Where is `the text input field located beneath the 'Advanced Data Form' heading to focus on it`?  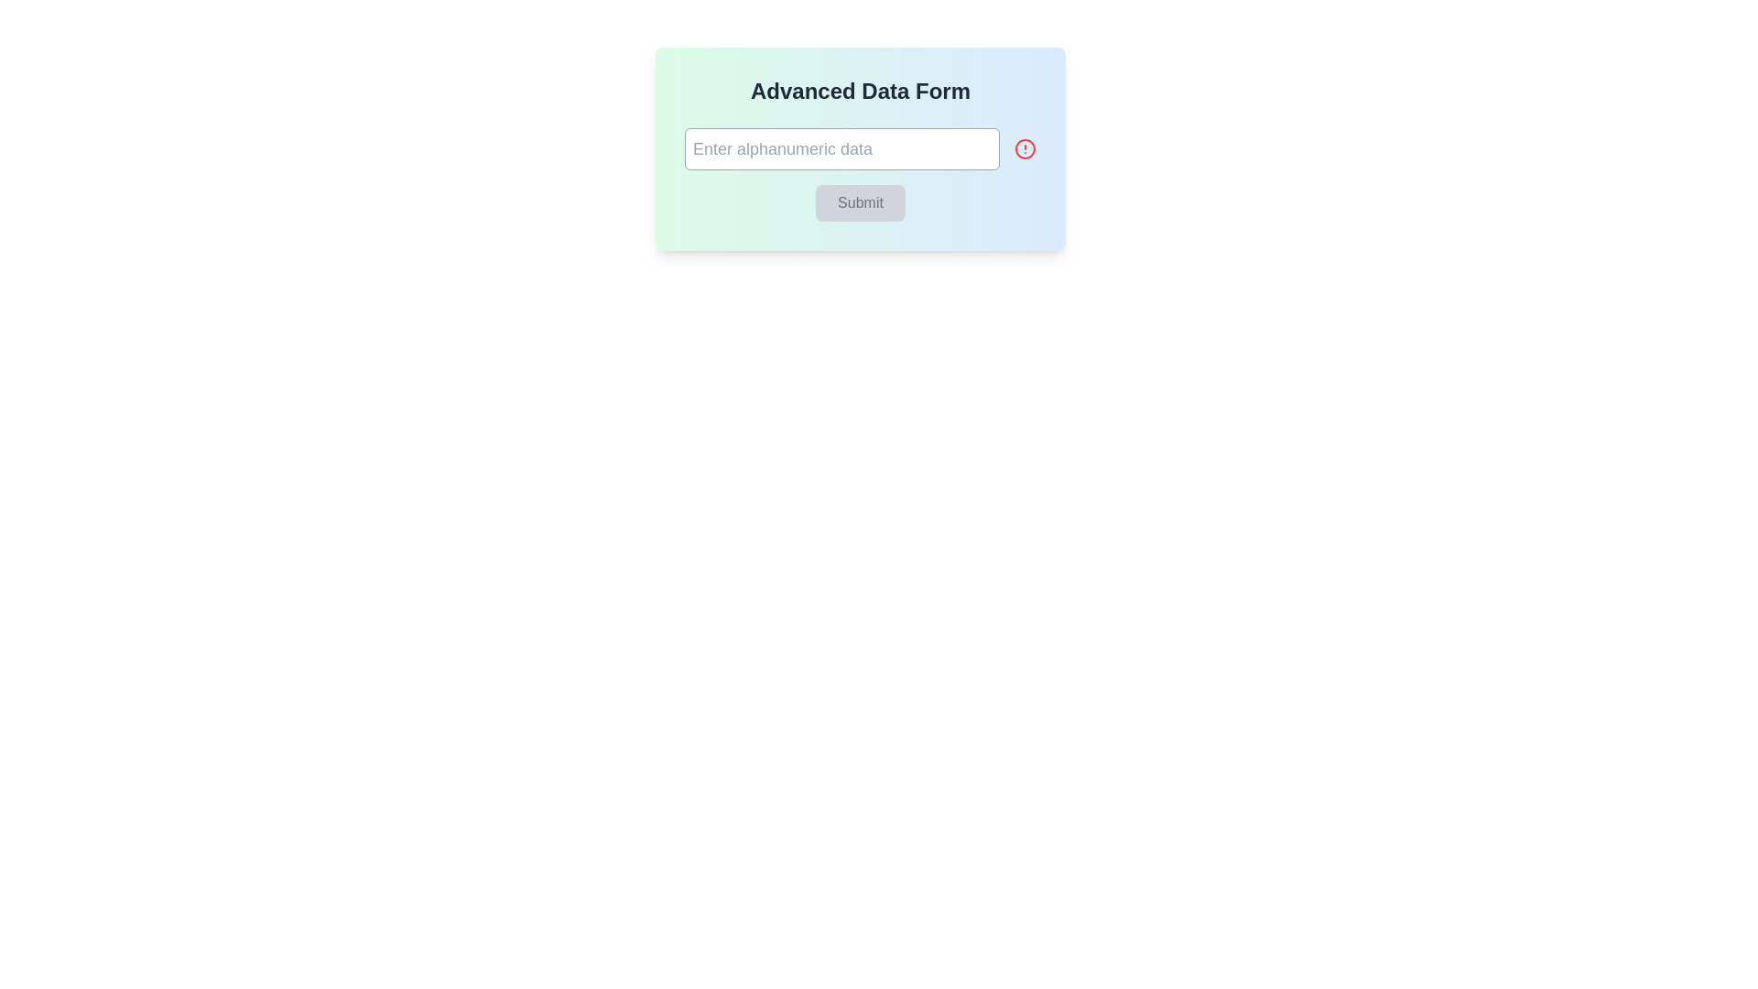 the text input field located beneath the 'Advanced Data Form' heading to focus on it is located at coordinates (841, 147).